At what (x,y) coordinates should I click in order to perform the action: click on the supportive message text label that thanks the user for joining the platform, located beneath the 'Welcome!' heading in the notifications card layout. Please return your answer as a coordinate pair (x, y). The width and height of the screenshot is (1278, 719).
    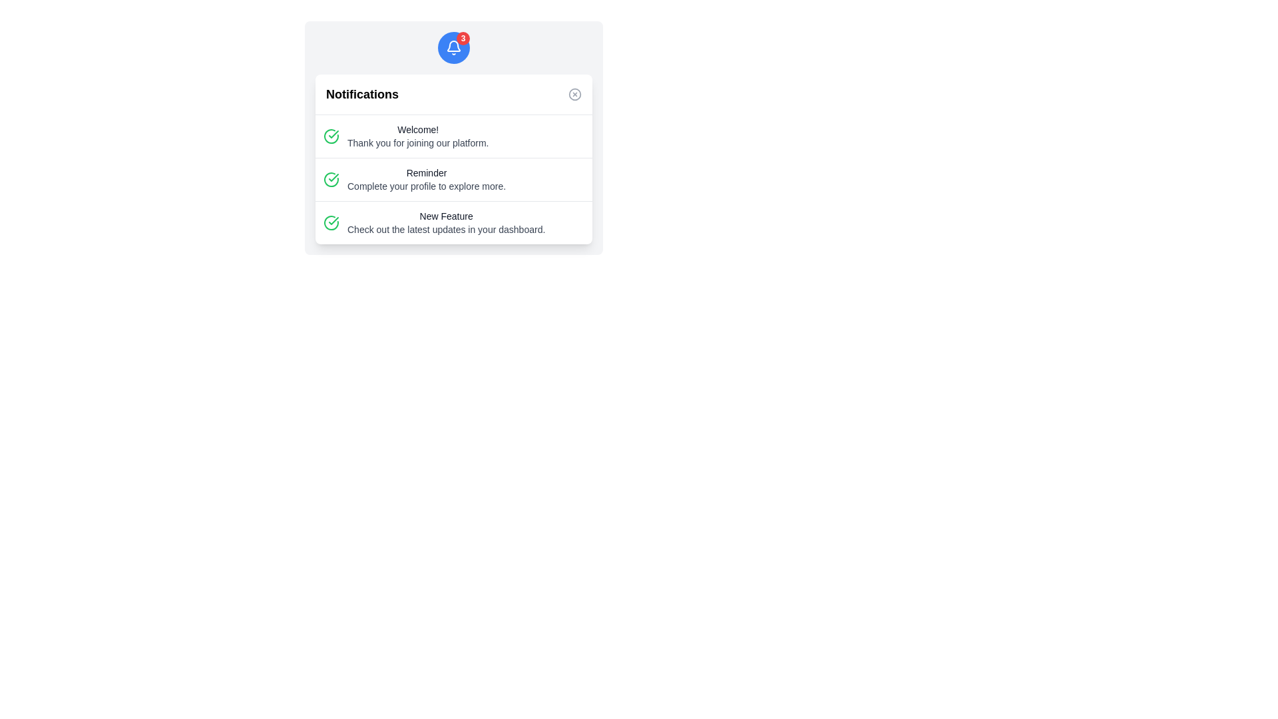
    Looking at the image, I should click on (417, 143).